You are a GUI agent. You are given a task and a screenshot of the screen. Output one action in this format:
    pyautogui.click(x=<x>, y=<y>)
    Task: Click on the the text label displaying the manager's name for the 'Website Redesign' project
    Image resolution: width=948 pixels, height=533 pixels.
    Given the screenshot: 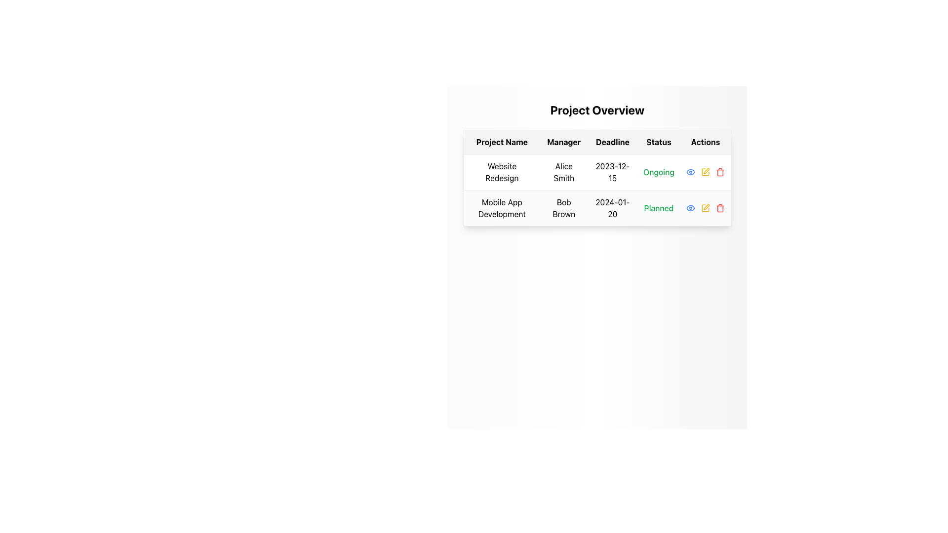 What is the action you would take?
    pyautogui.click(x=564, y=171)
    